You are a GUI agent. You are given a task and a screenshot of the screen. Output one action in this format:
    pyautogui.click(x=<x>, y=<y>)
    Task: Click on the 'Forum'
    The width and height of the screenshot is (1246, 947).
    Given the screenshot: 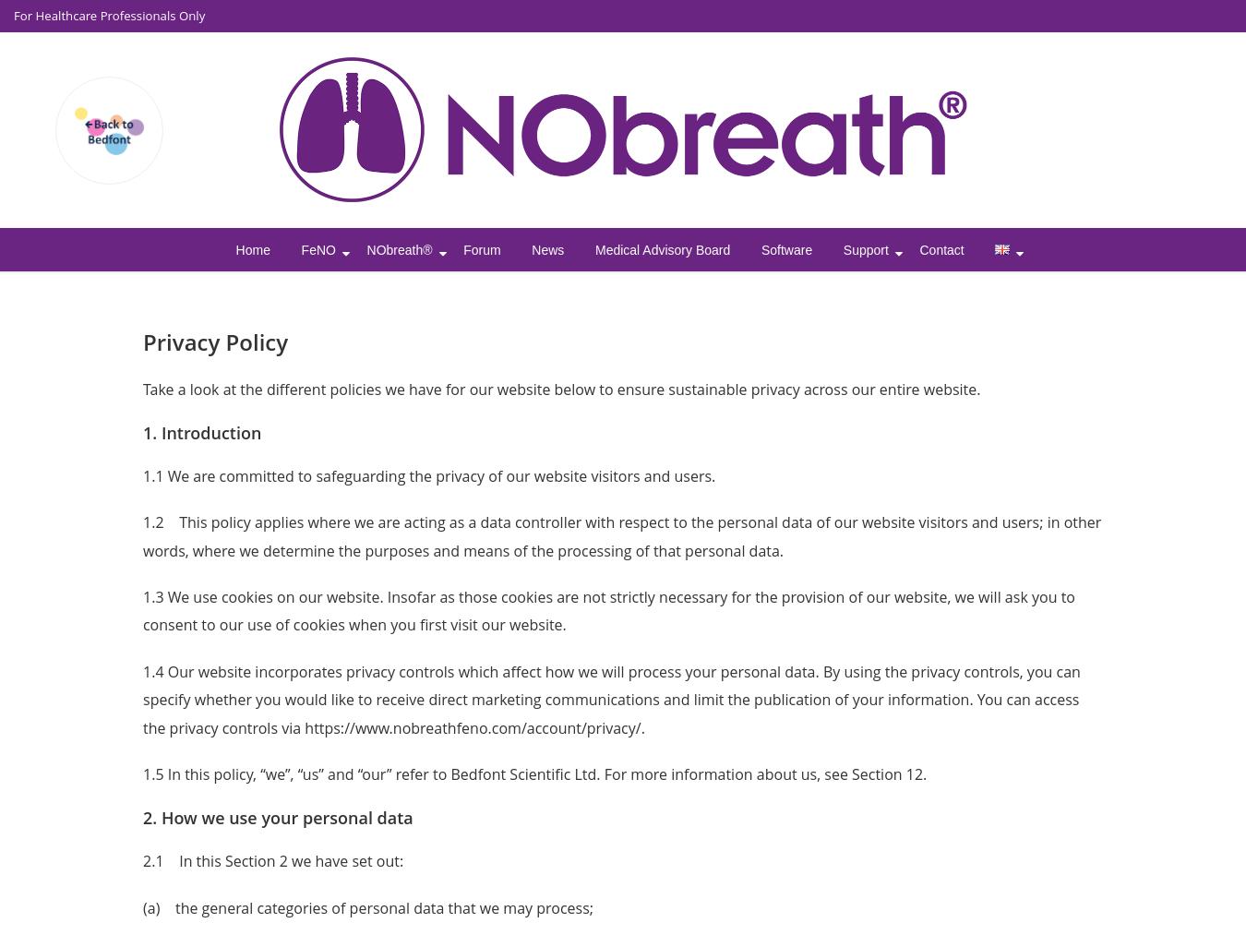 What is the action you would take?
    pyautogui.click(x=481, y=248)
    